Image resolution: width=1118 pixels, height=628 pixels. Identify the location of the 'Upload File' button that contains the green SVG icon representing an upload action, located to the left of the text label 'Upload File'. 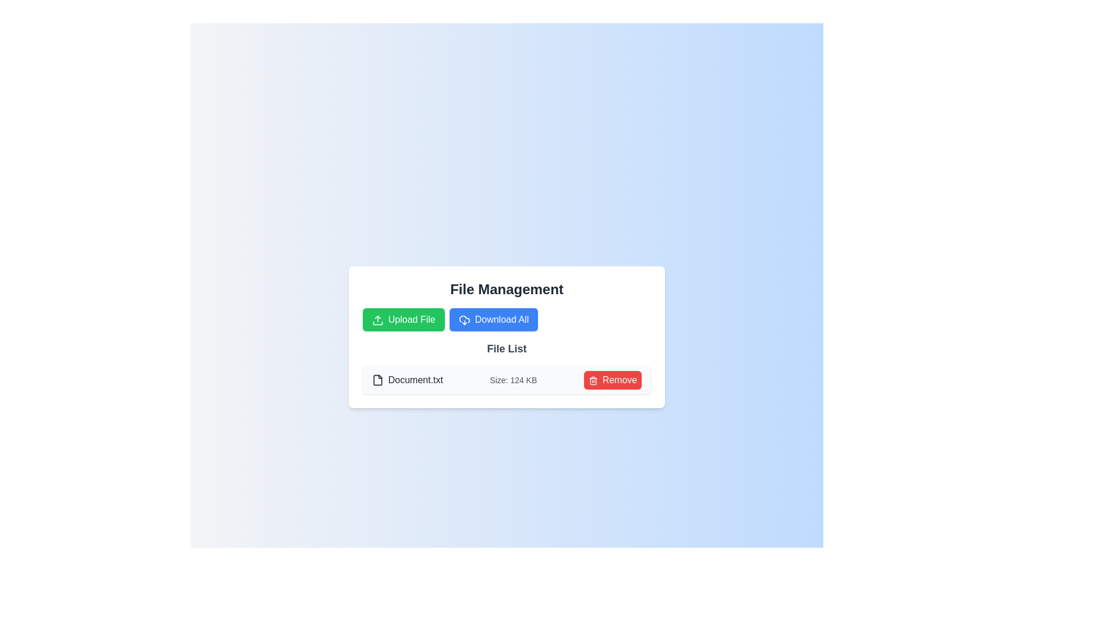
(377, 320).